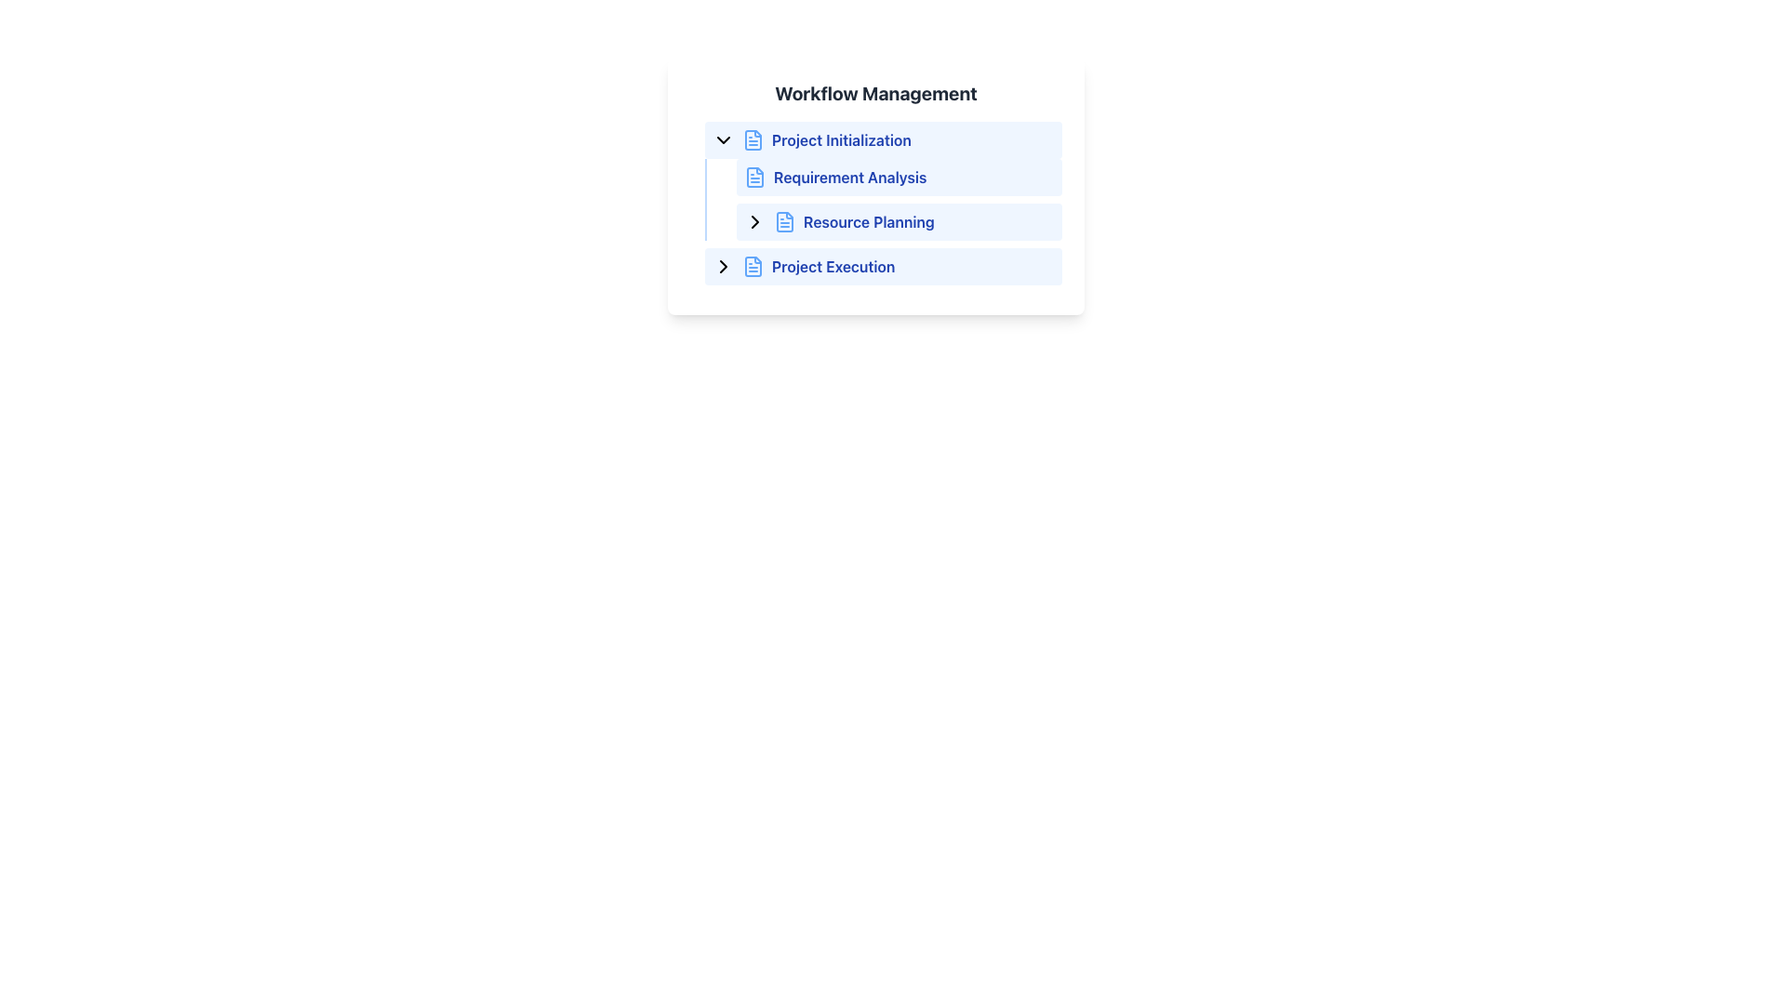 This screenshot has height=1004, width=1786. Describe the element at coordinates (754, 221) in the screenshot. I see `the right-pointing chevron icon in the 'Resource Planning' section` at that location.